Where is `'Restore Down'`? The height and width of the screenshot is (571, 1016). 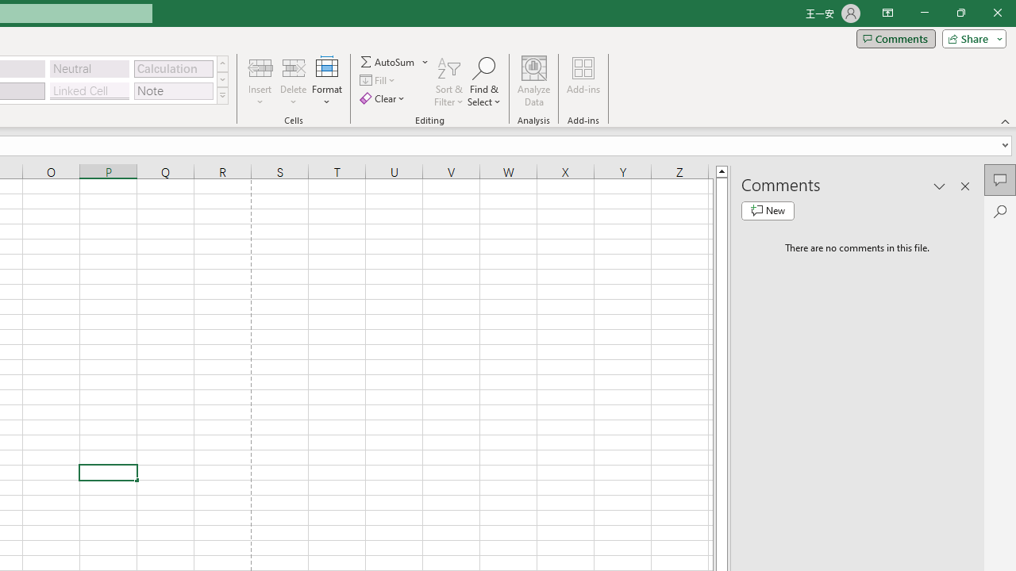
'Restore Down' is located at coordinates (960, 13).